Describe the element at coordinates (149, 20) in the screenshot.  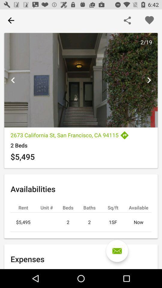
I see `button` at that location.